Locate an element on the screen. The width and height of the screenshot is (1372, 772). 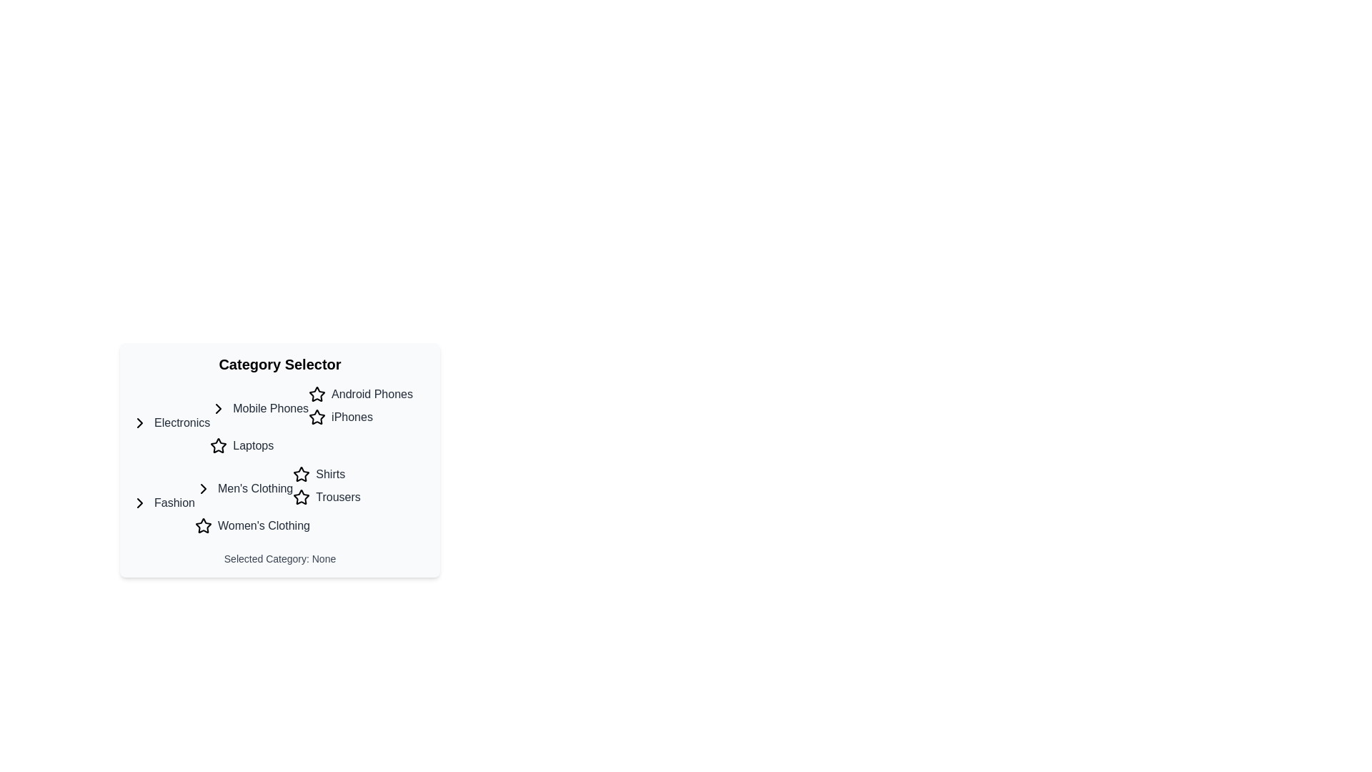
the star icon located adjacent to the text 'Shirts' in the 'Men's Clothing' section is located at coordinates (301, 474).